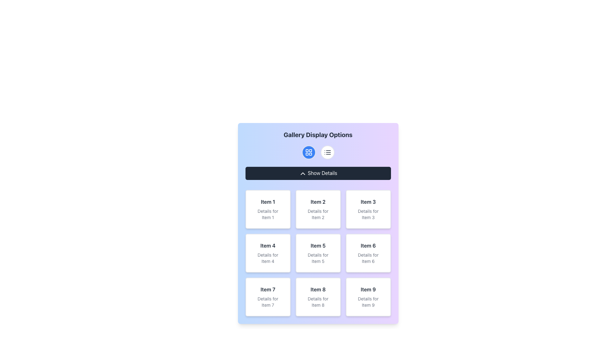 The width and height of the screenshot is (602, 338). What do you see at coordinates (268, 202) in the screenshot?
I see `the non-interactive text label at the top of the first card in the 3x3 grid layout, which provides information about its associated item` at bounding box center [268, 202].